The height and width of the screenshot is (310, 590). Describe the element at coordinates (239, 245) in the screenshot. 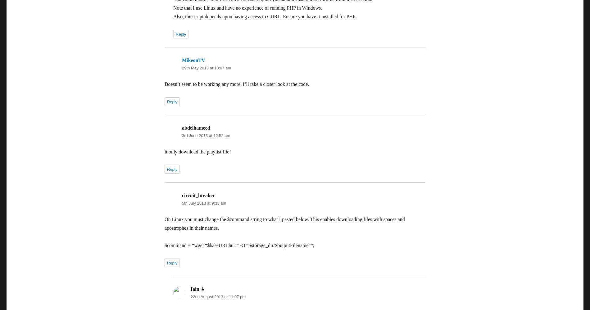

I see `'$command = “wget “$baseURL$uri” -O “$storage_dir/$outputFilename””;'` at that location.